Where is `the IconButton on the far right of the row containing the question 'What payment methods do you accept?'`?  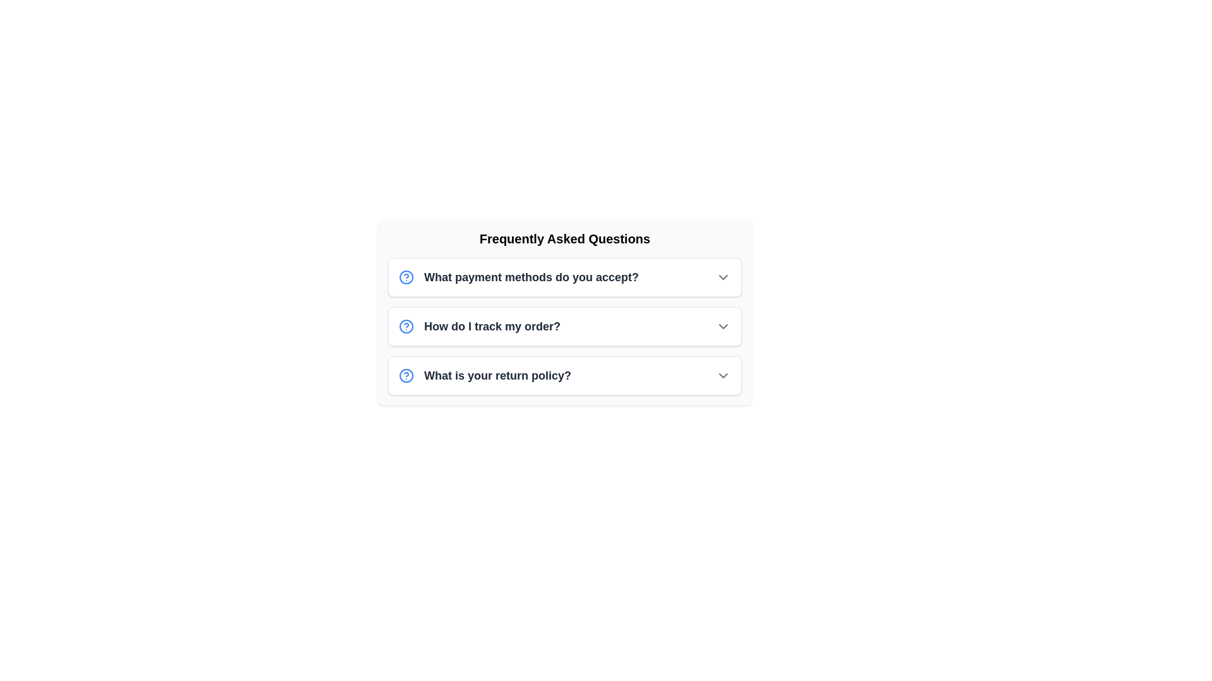
the IconButton on the far right of the row containing the question 'What payment methods do you accept?' is located at coordinates (723, 276).